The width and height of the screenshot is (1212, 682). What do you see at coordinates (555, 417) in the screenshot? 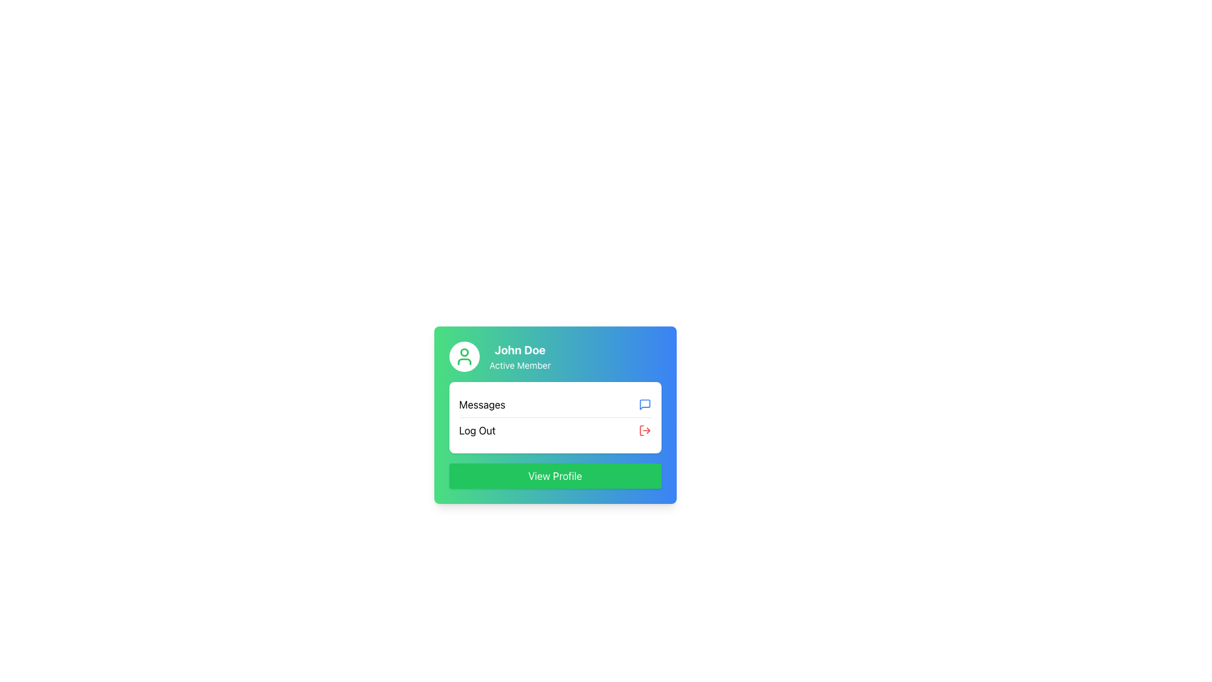
I see `the 'Messages' option in the menu with a white background containing actionable options` at bounding box center [555, 417].